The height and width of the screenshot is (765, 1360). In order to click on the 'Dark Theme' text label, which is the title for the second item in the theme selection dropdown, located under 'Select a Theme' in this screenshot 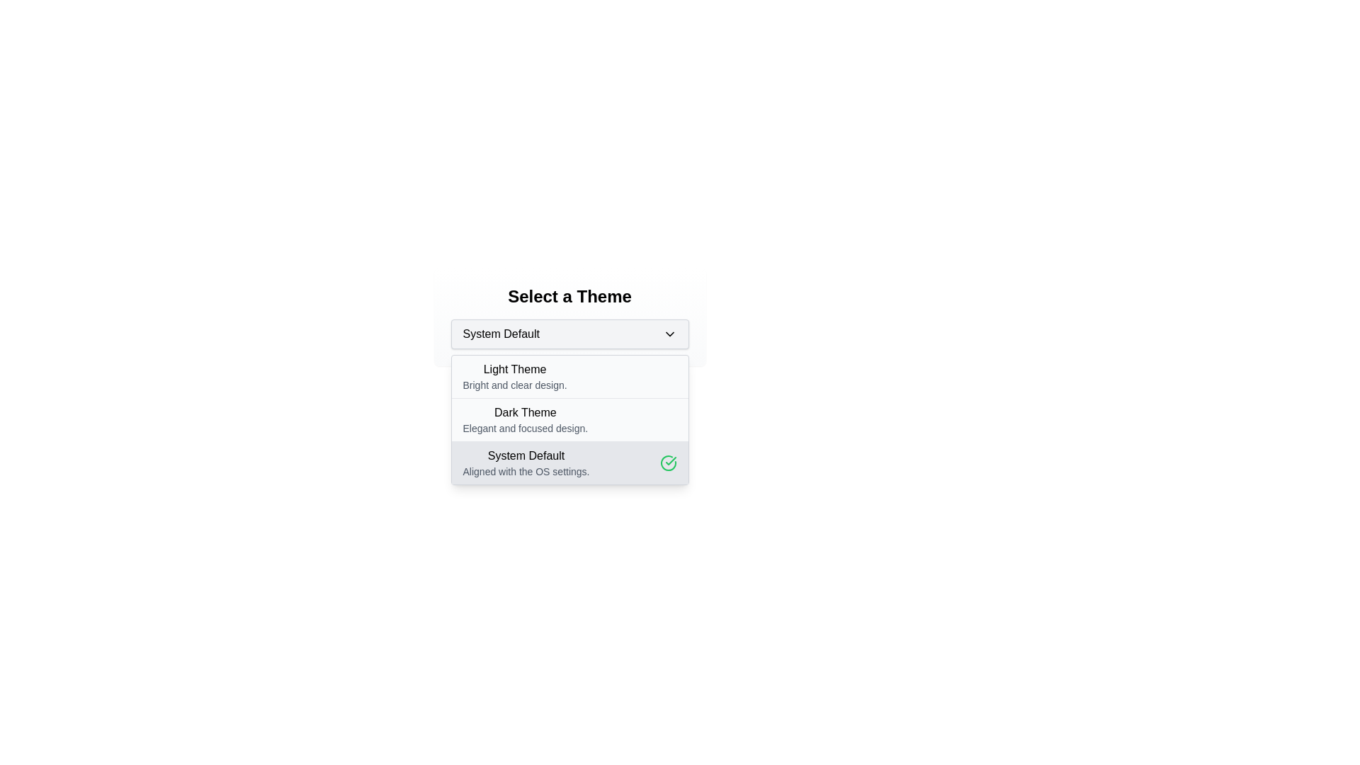, I will do `click(524, 412)`.